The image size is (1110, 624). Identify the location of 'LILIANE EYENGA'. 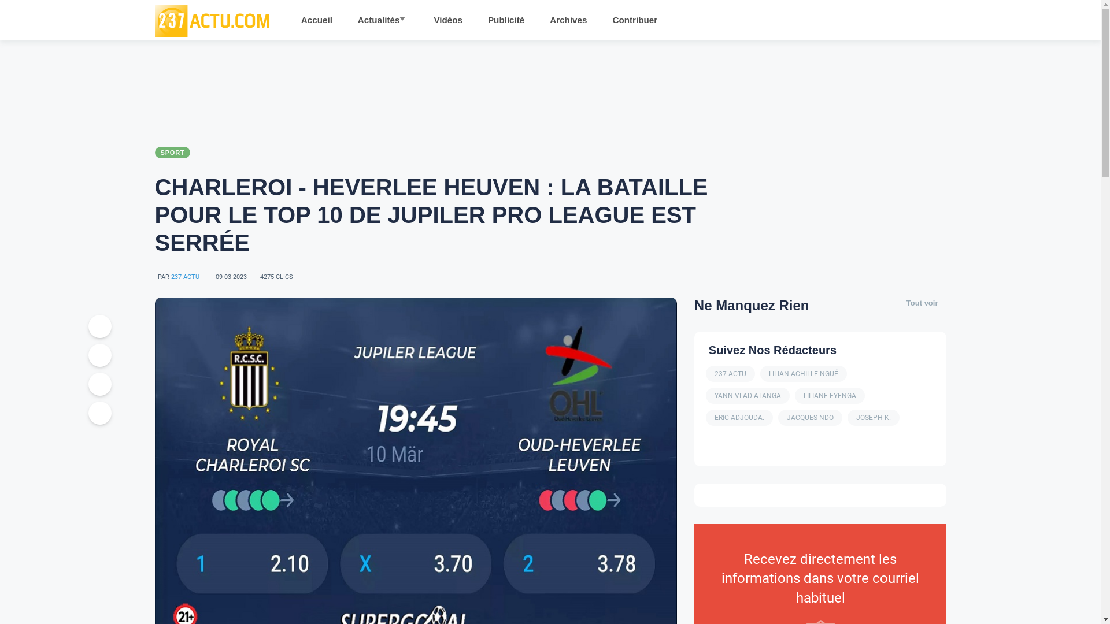
(829, 395).